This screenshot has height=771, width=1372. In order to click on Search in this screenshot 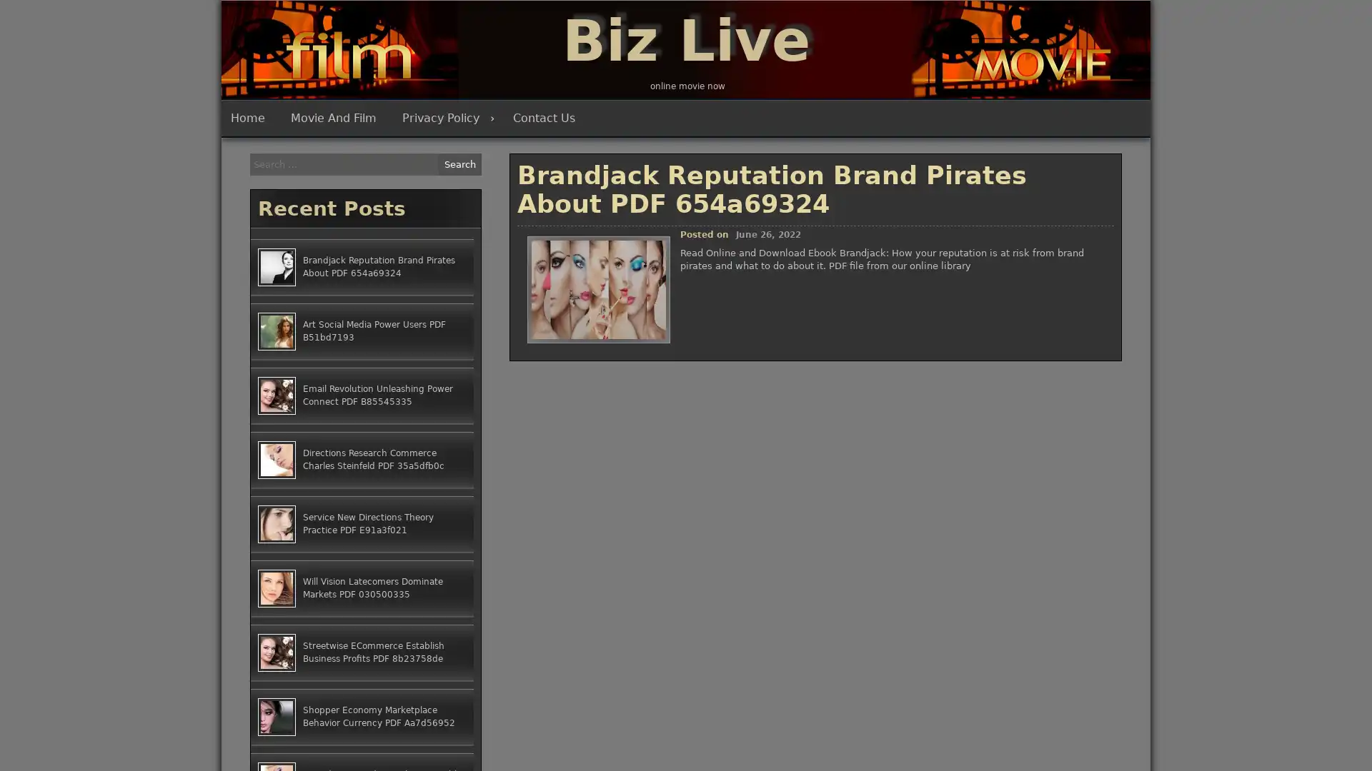, I will do `click(459, 163)`.